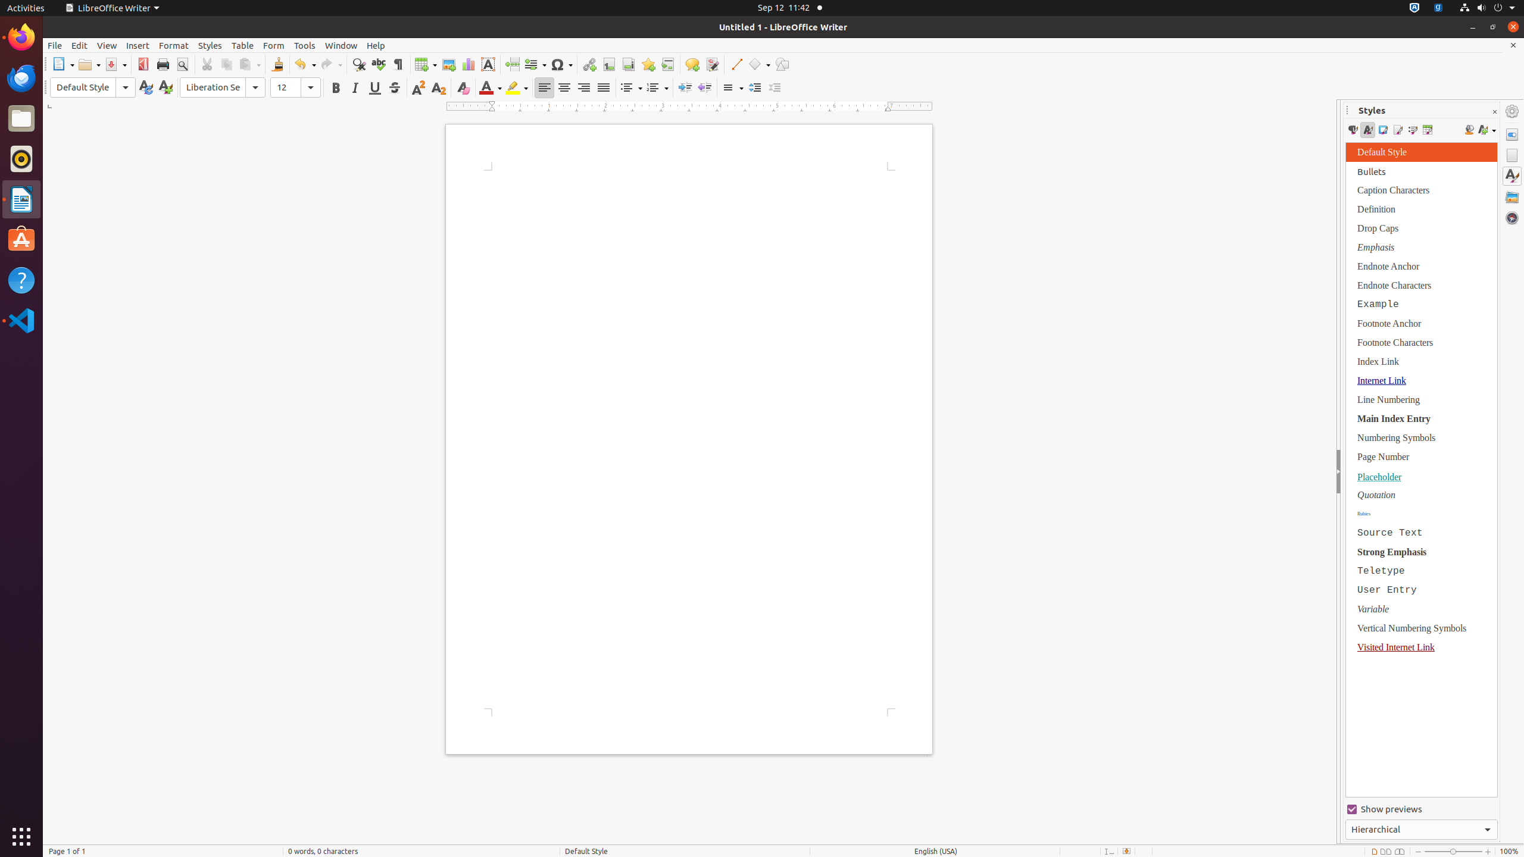 The height and width of the screenshot is (857, 1524). Describe the element at coordinates (274, 45) in the screenshot. I see `'Form'` at that location.